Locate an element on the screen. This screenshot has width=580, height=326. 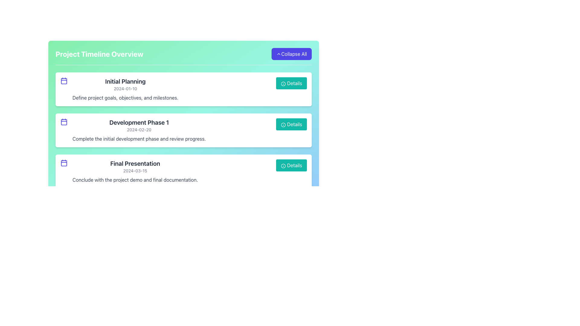
the text label displaying the date '2024-02-20' in gray font, located beneath 'Development Phase 1' and above the description in the second card of project phases is located at coordinates (139, 129).